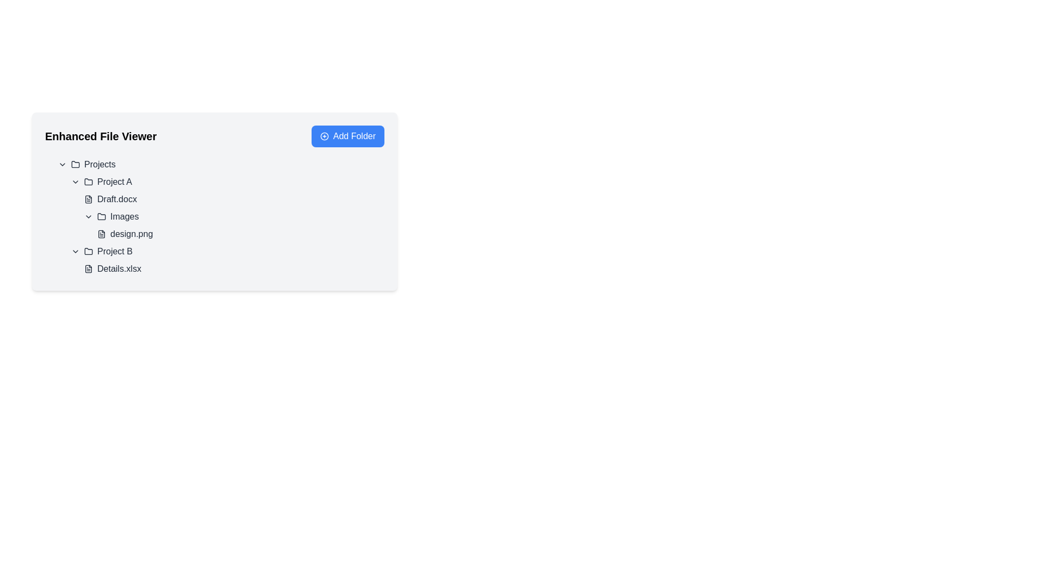 This screenshot has width=1044, height=587. I want to click on the 'Project B' Expandable Tree Node, so click(227, 251).